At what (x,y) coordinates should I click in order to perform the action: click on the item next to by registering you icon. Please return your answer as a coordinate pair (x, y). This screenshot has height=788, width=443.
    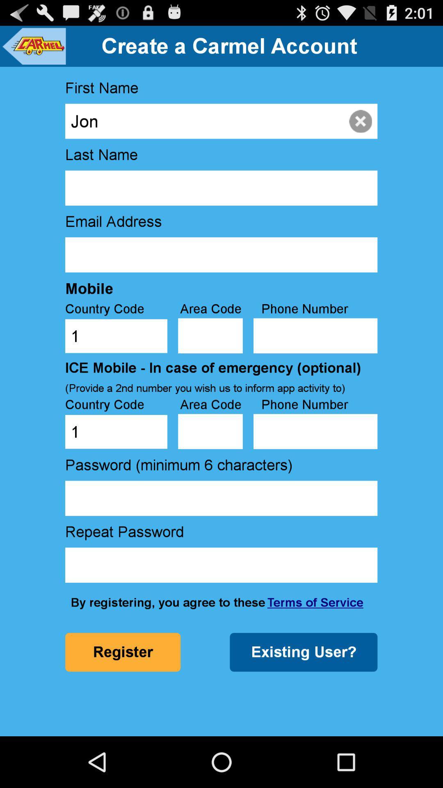
    Looking at the image, I should click on (315, 602).